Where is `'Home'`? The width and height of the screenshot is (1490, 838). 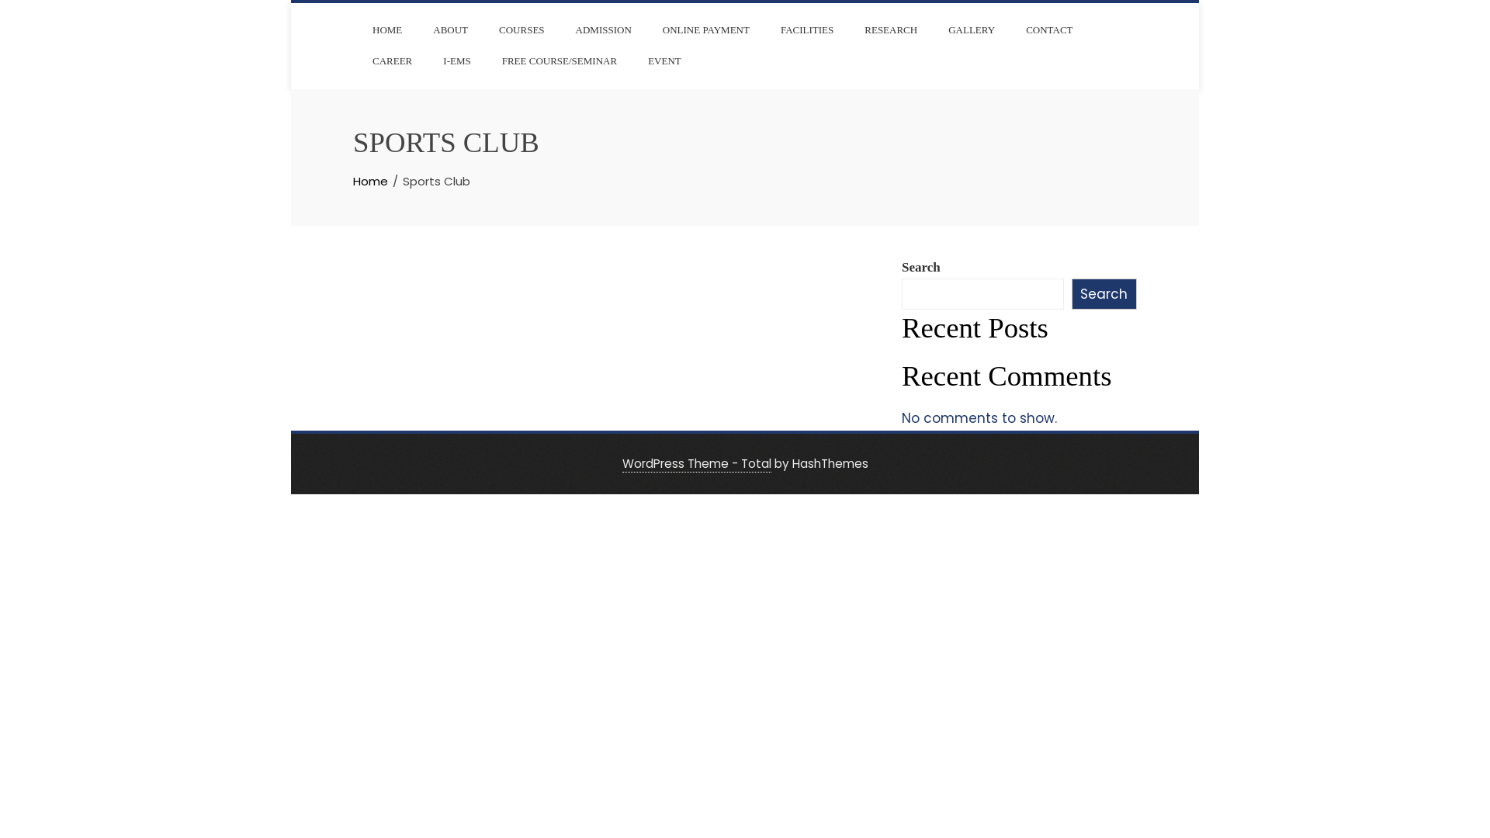
'Home' is located at coordinates (369, 180).